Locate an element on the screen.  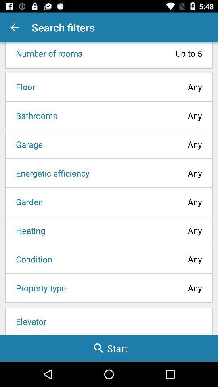
item to the left of the up to 5 item is located at coordinates (46, 53).